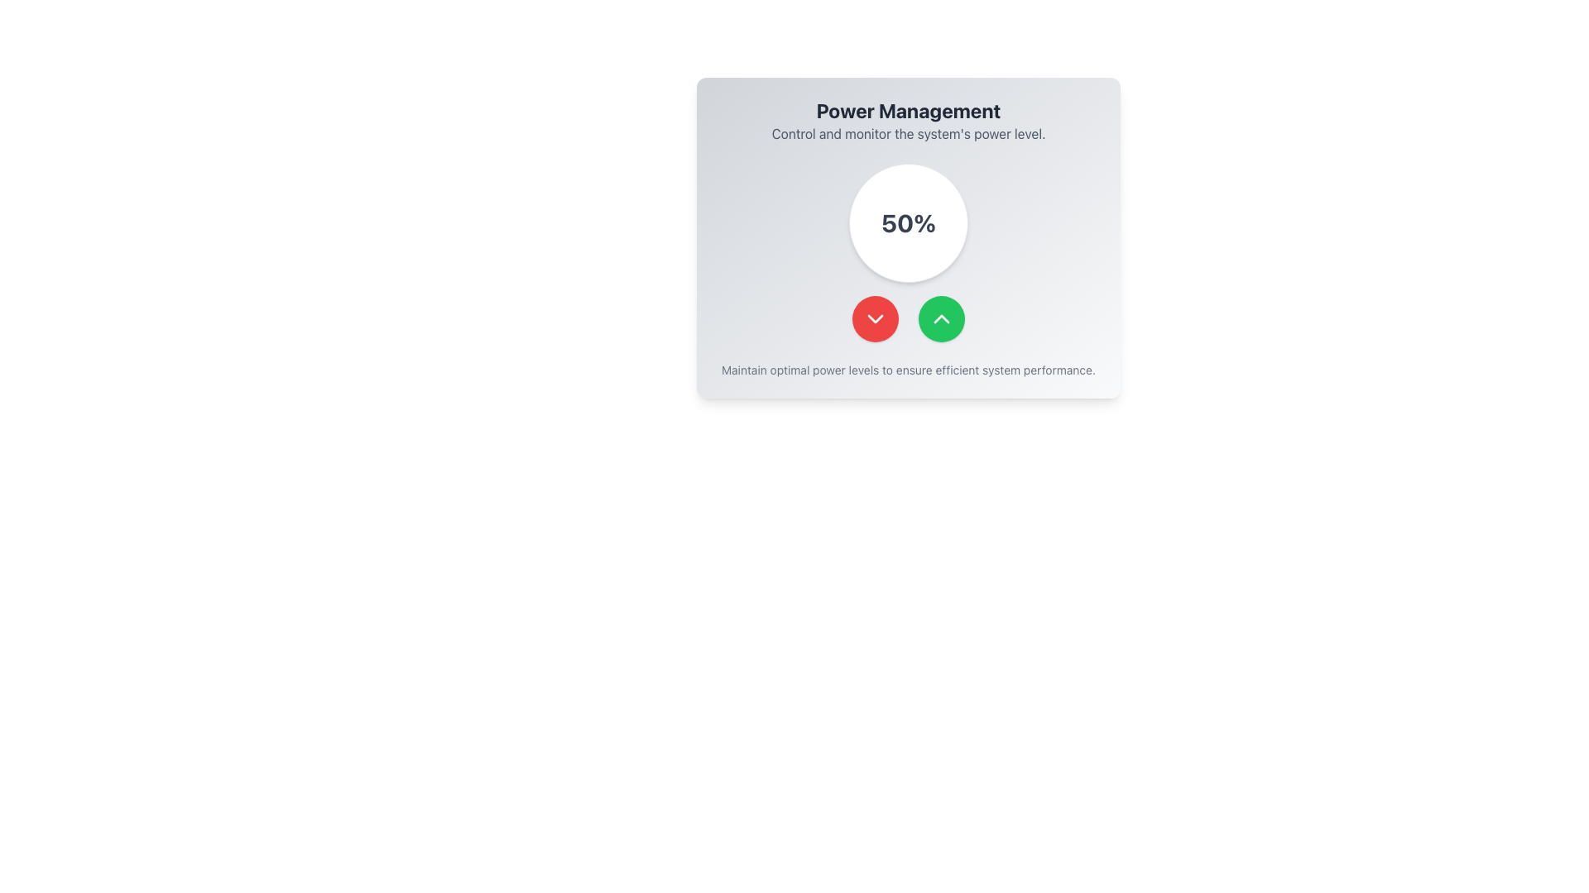  I want to click on the text display that represents a percentage value indicating current power level, located at the center of a circular area in the middle-top portion of the interface, so click(908, 223).